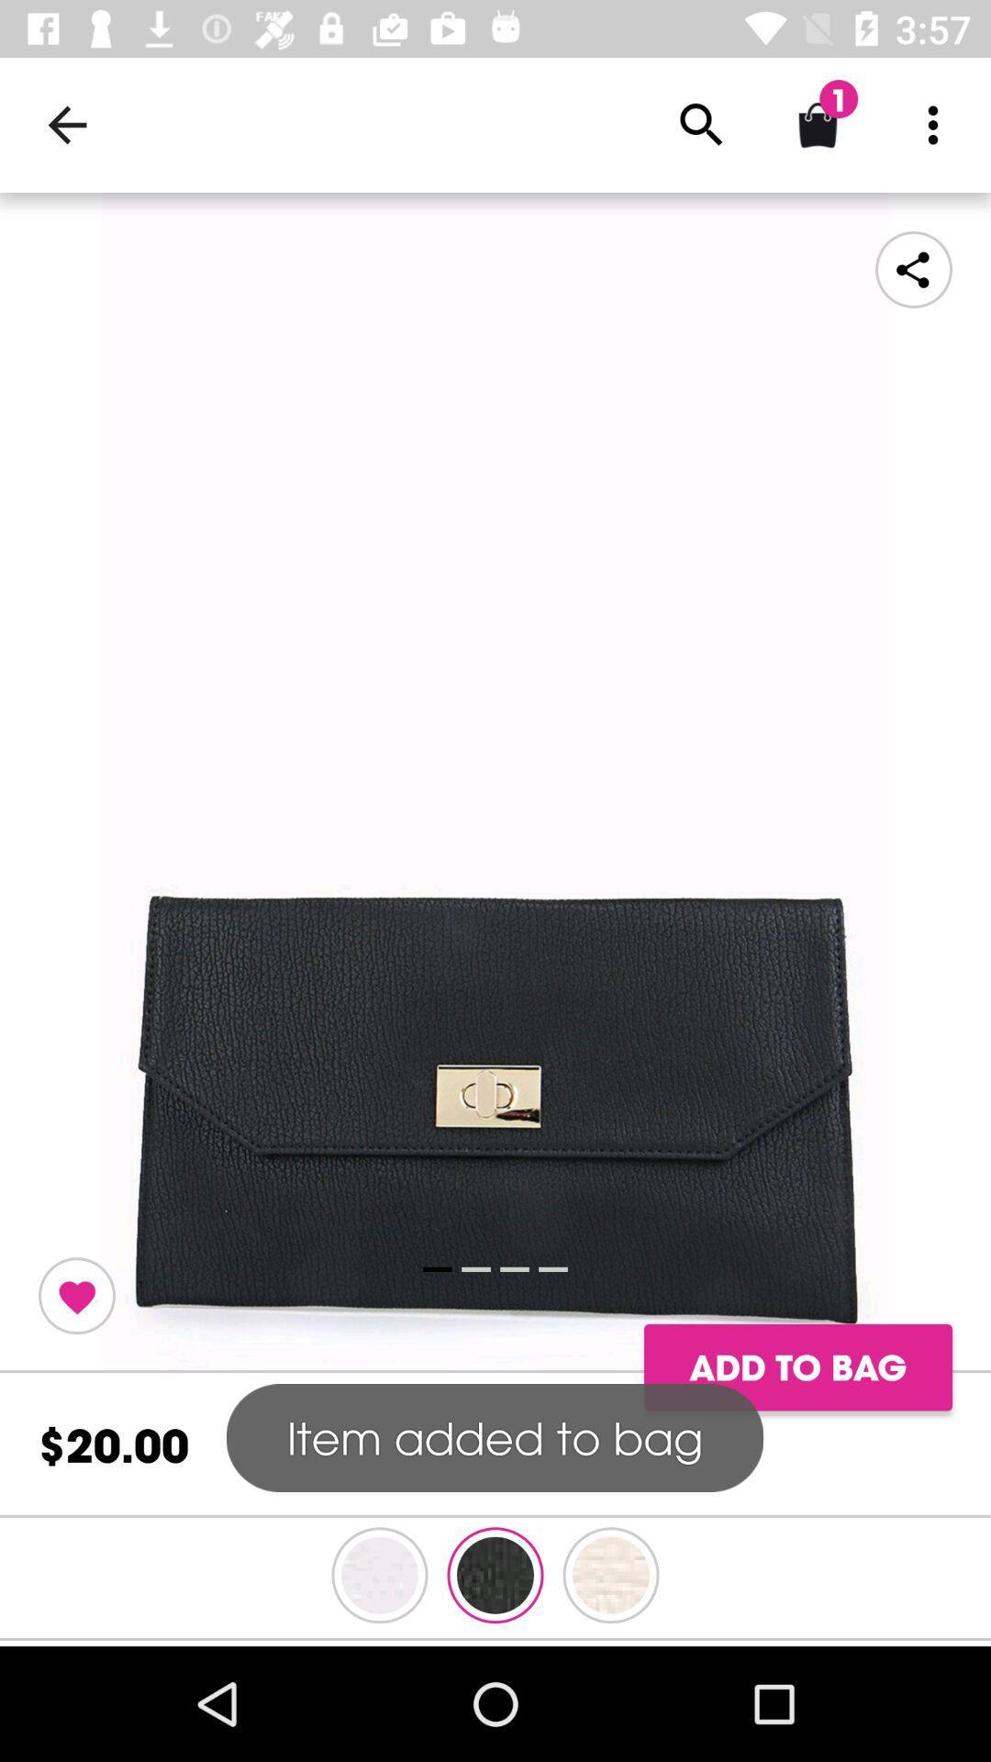 The width and height of the screenshot is (991, 1762). What do you see at coordinates (913, 268) in the screenshot?
I see `share to social media` at bounding box center [913, 268].